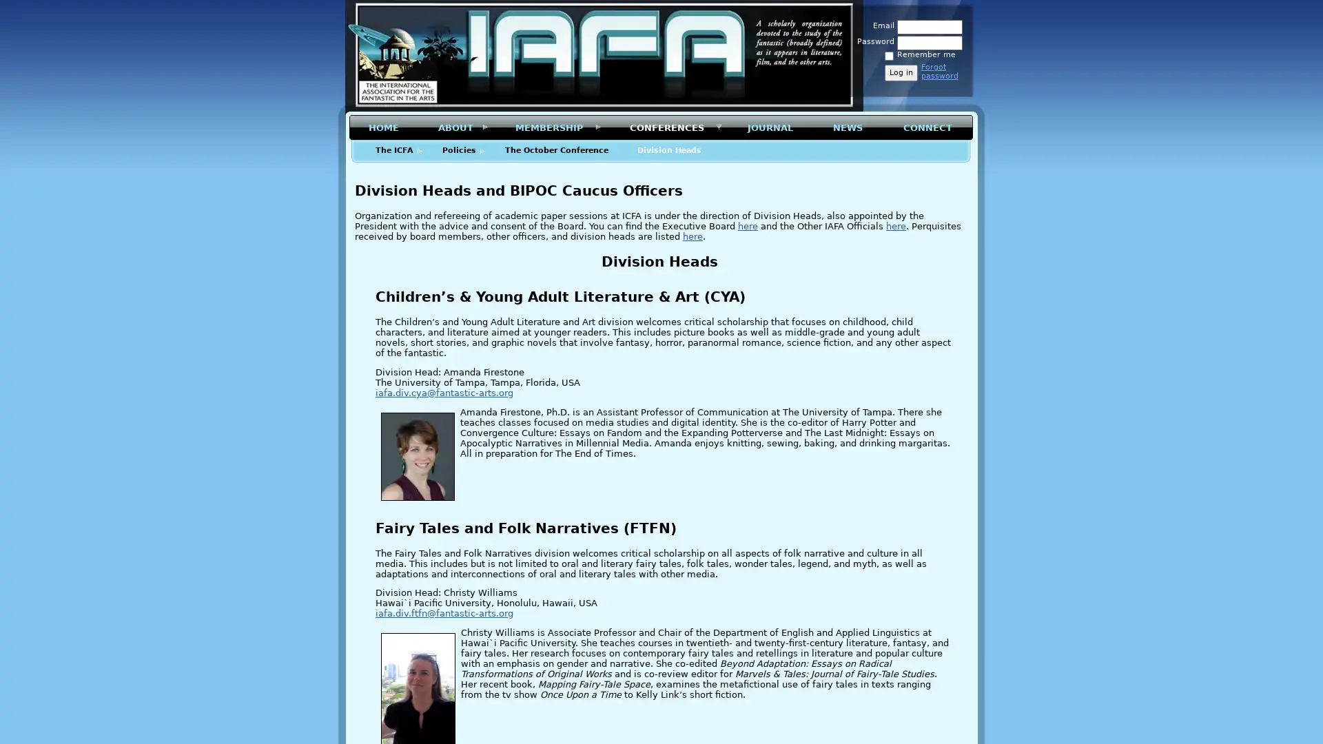 The height and width of the screenshot is (744, 1323). Describe the element at coordinates (901, 72) in the screenshot. I see `Log in` at that location.